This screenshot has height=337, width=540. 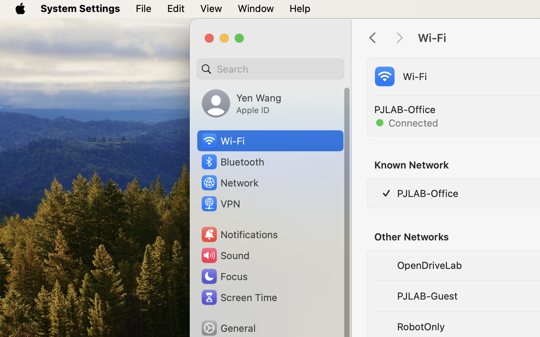 I want to click on 'Wi‑Fi', so click(x=222, y=141).